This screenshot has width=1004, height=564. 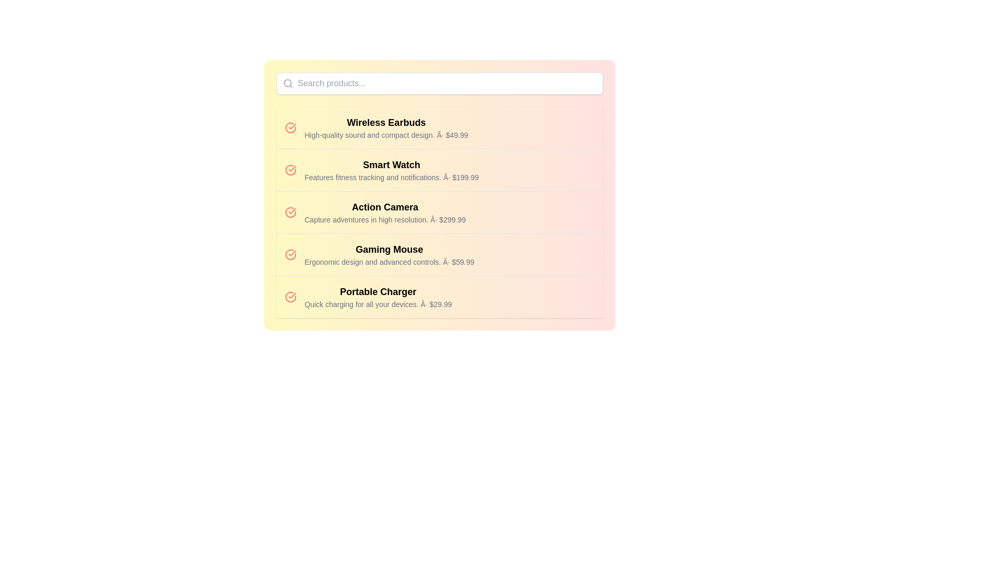 What do you see at coordinates (386, 122) in the screenshot?
I see `the text label that contains 'Wireless Earbuds' in bold, large font for reading` at bounding box center [386, 122].